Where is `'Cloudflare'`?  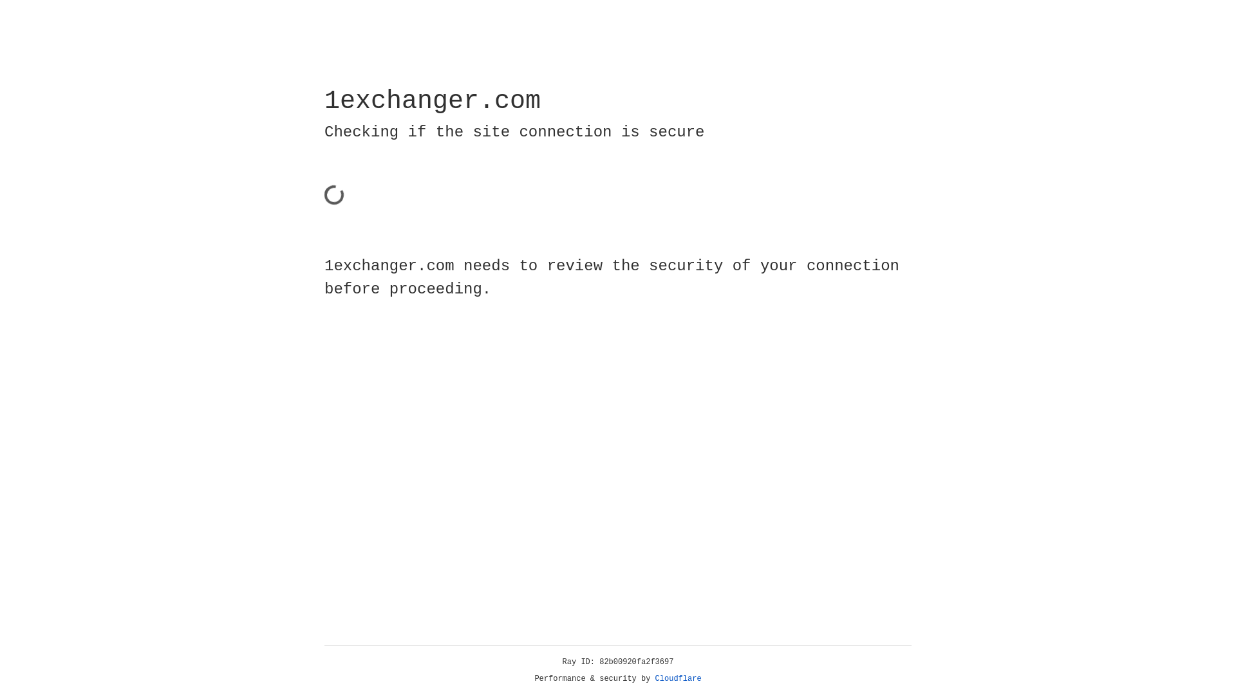
'Cloudflare' is located at coordinates (678, 678).